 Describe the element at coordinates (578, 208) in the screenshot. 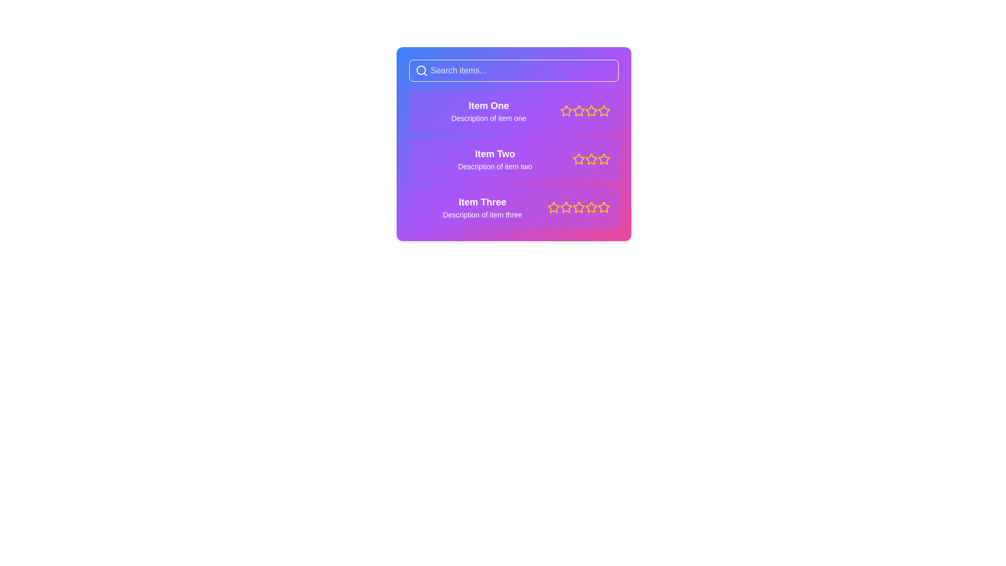

I see `the interactive Rating component, which is a row of five yellow star icons, aligned with the text 'Item Three - Description of item three'` at that location.